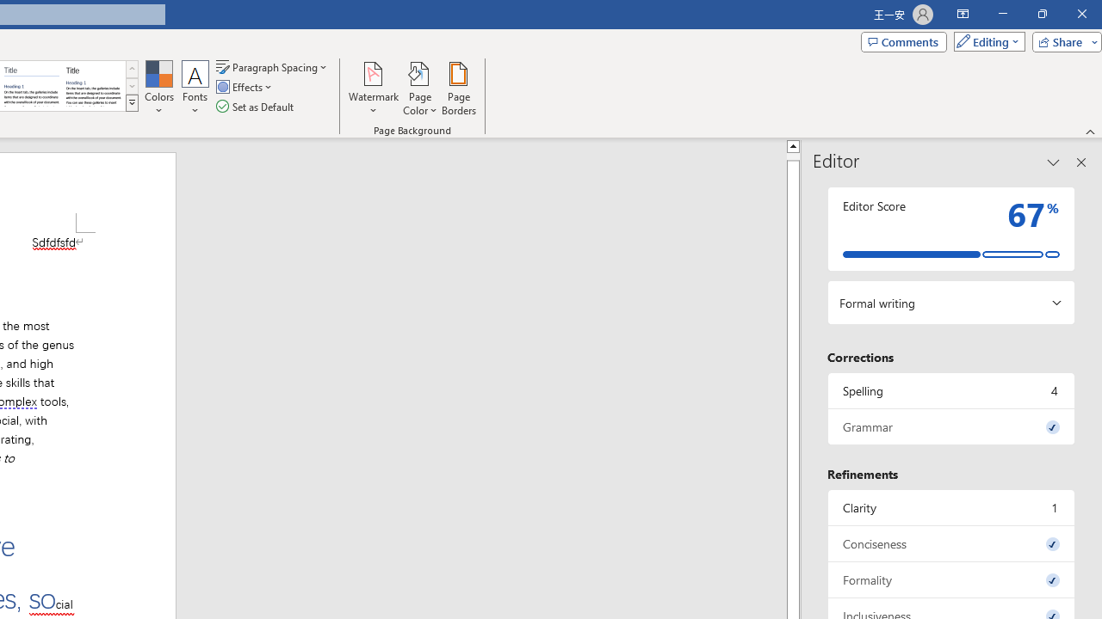 This screenshot has width=1102, height=619. Describe the element at coordinates (131, 103) in the screenshot. I see `'Style Set'` at that location.